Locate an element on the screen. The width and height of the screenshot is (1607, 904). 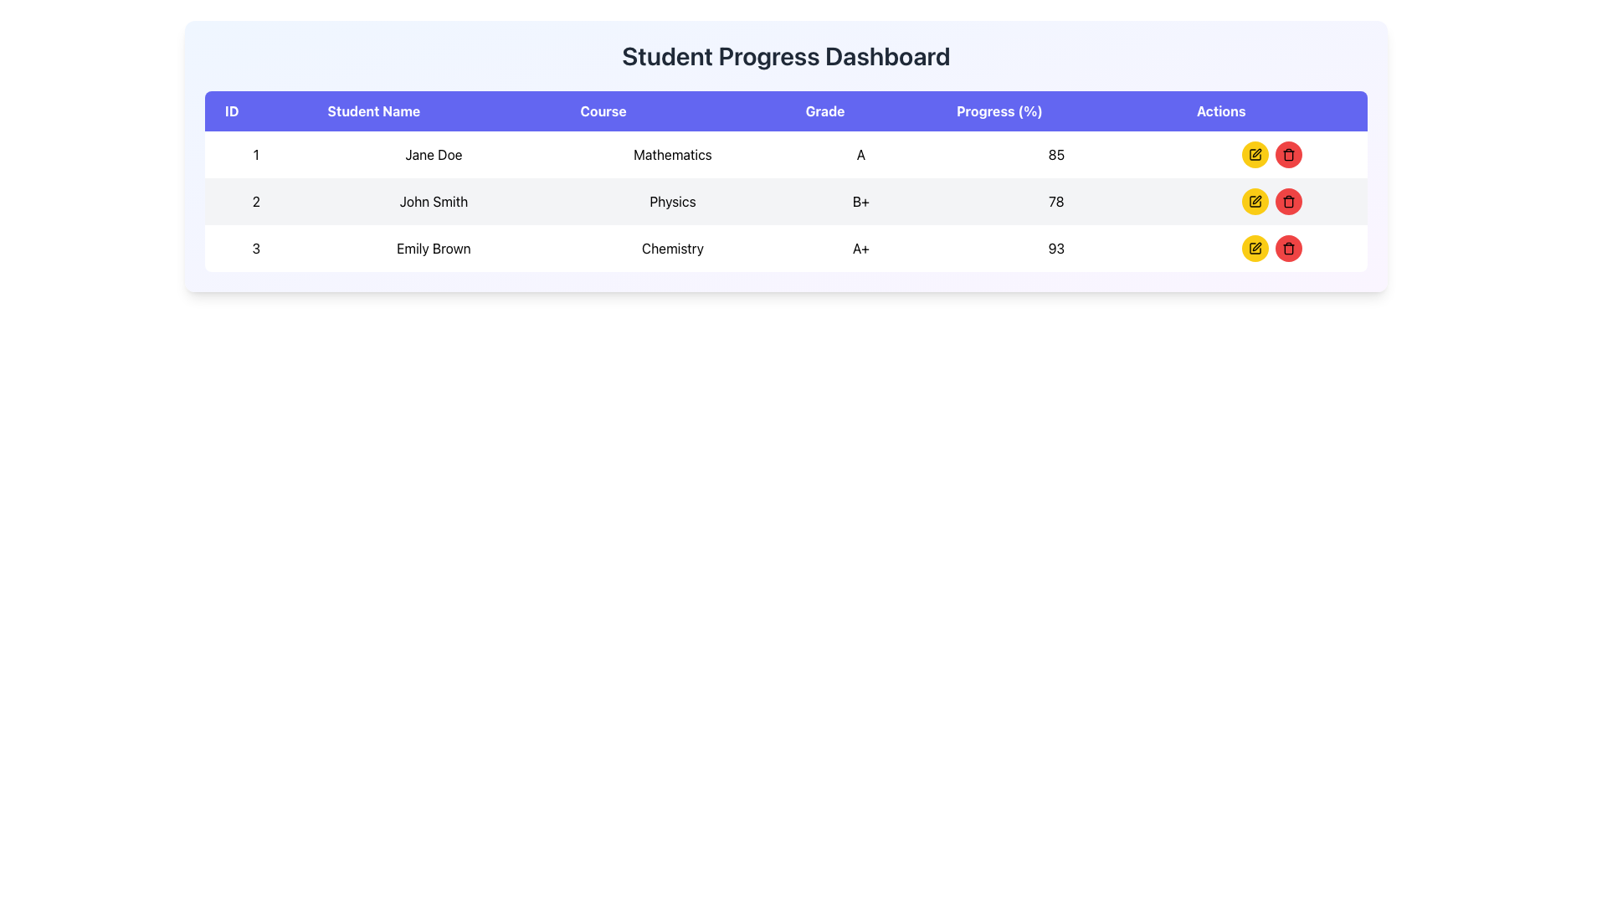
the 'delete' button in the 'Actions' column corresponding to the second row ('John Smith') is located at coordinates (1287, 156).